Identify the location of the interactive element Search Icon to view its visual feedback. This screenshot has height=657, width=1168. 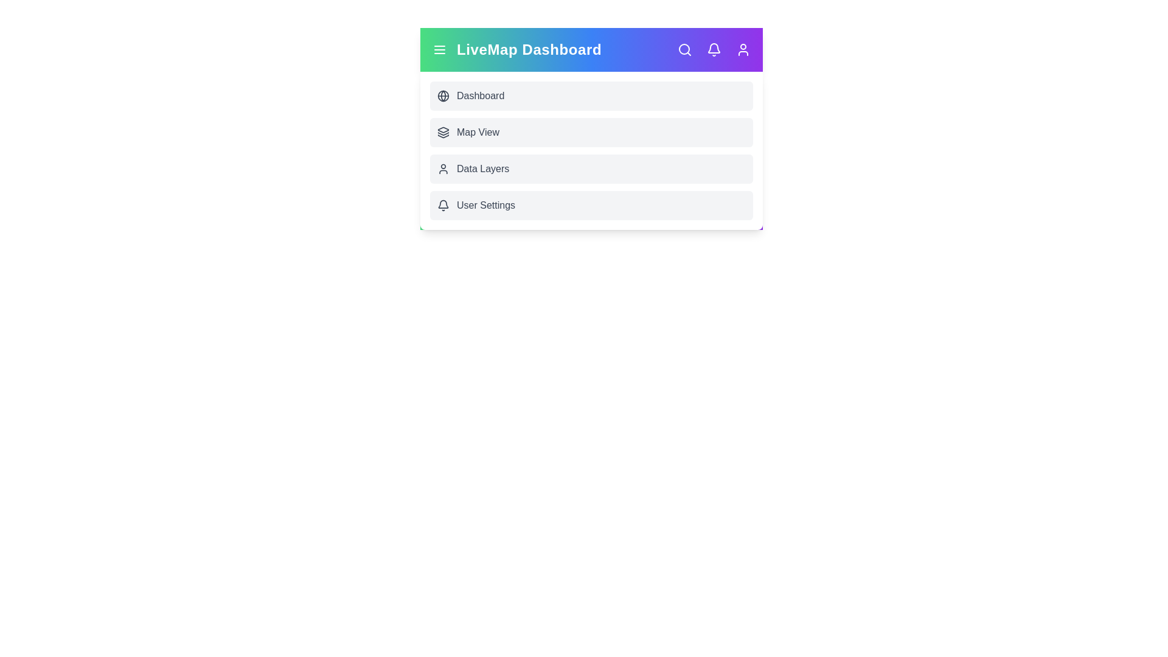
(685, 49).